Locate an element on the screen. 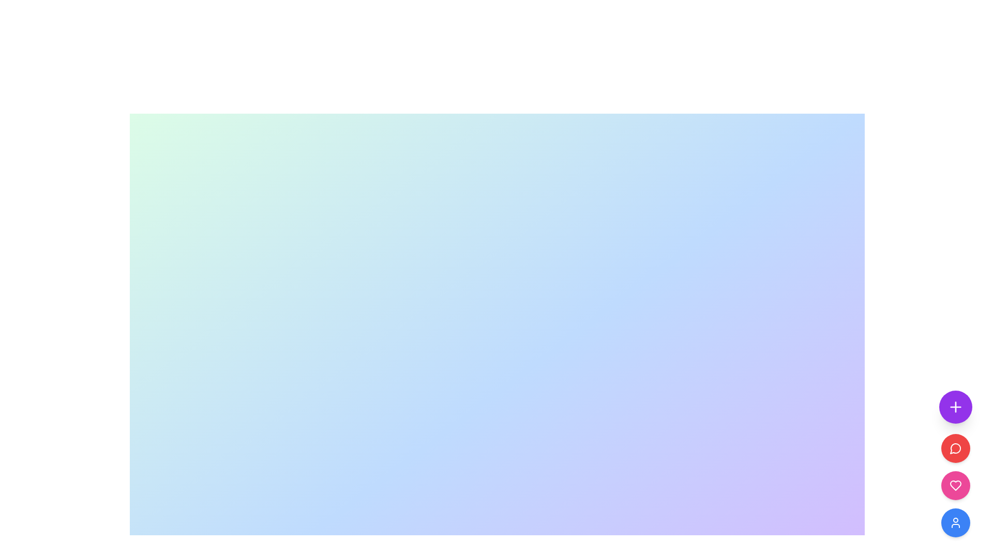  the heart-shaped icon on the right vertical toolbar, which is the third icon from the top is located at coordinates (955, 486).